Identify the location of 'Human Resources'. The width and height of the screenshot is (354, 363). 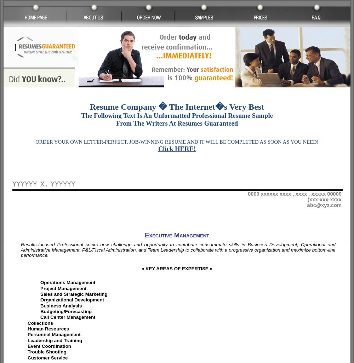
(48, 328).